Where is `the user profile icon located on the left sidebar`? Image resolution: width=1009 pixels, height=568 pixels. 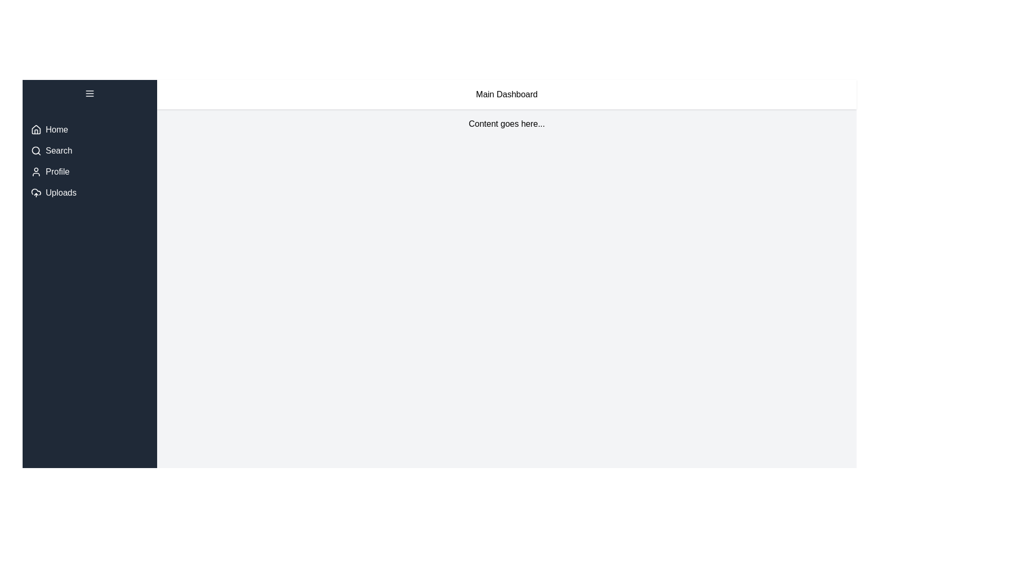 the user profile icon located on the left sidebar is located at coordinates (36, 171).